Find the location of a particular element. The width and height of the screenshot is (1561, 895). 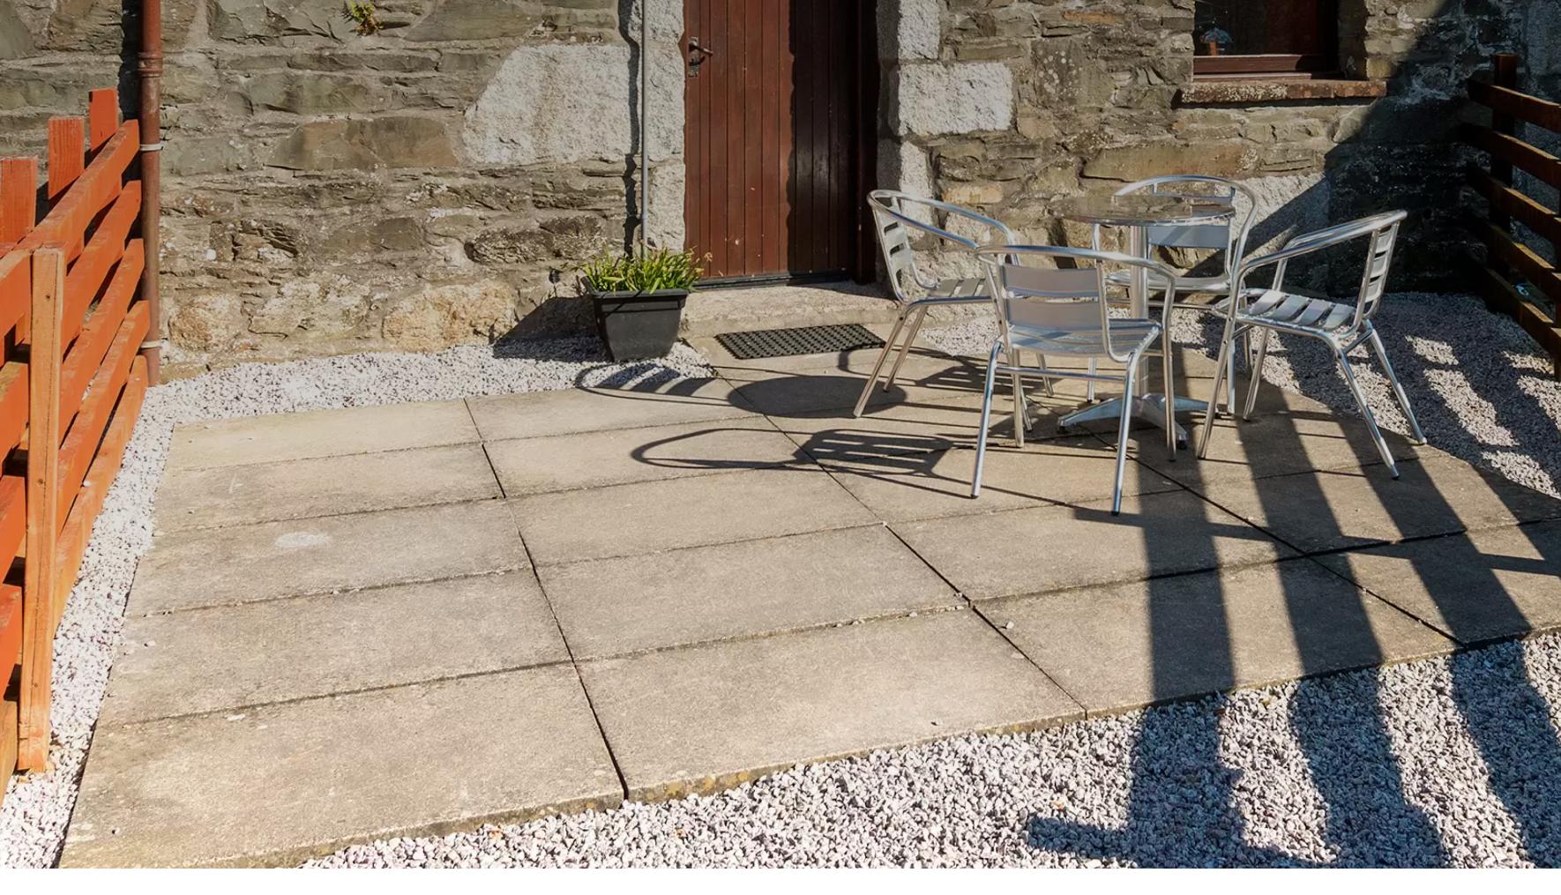

'Privacy Policy' is located at coordinates (780, 793).